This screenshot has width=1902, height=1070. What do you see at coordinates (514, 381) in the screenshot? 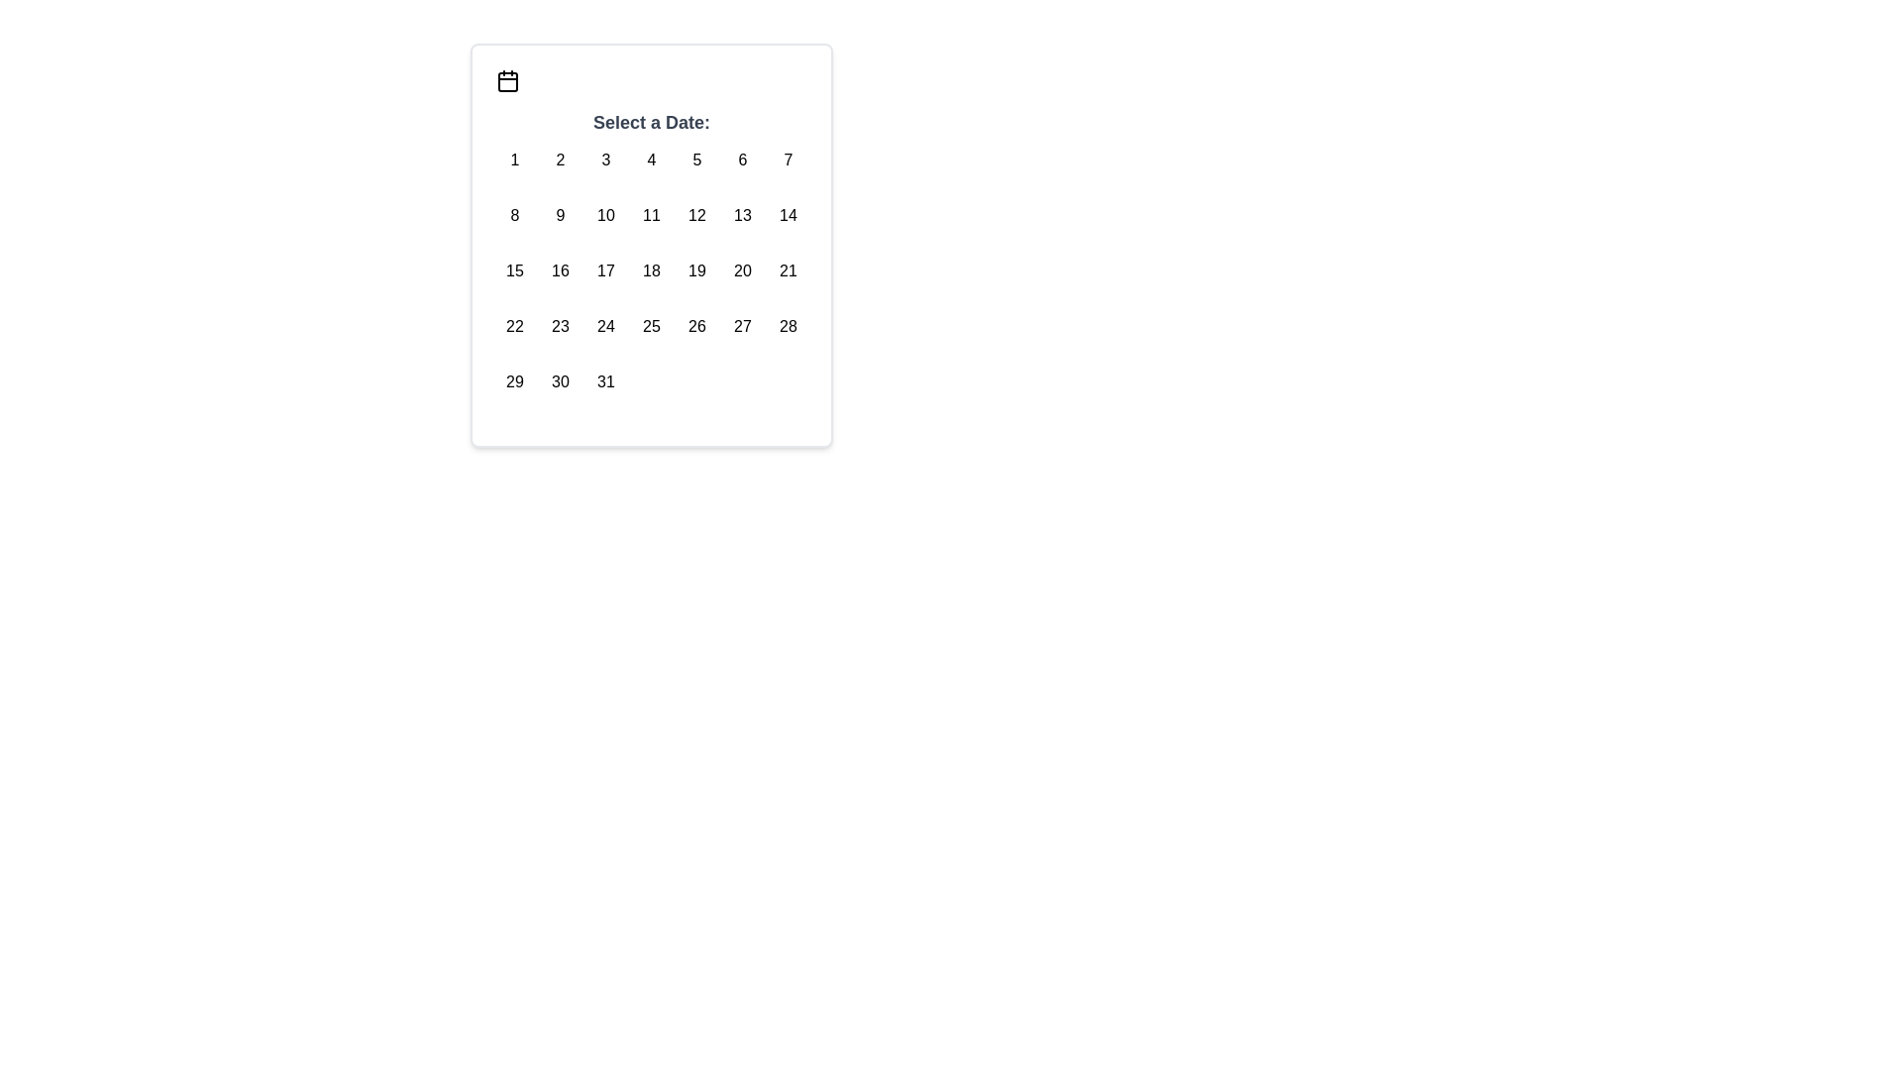
I see `the button displaying '29' to initiate keyboard interactions by moving the cursor over it` at bounding box center [514, 381].